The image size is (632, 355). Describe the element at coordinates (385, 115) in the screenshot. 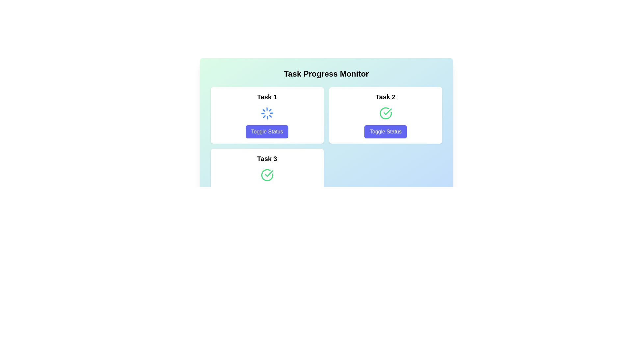

I see `the second task card in the task management interface` at that location.